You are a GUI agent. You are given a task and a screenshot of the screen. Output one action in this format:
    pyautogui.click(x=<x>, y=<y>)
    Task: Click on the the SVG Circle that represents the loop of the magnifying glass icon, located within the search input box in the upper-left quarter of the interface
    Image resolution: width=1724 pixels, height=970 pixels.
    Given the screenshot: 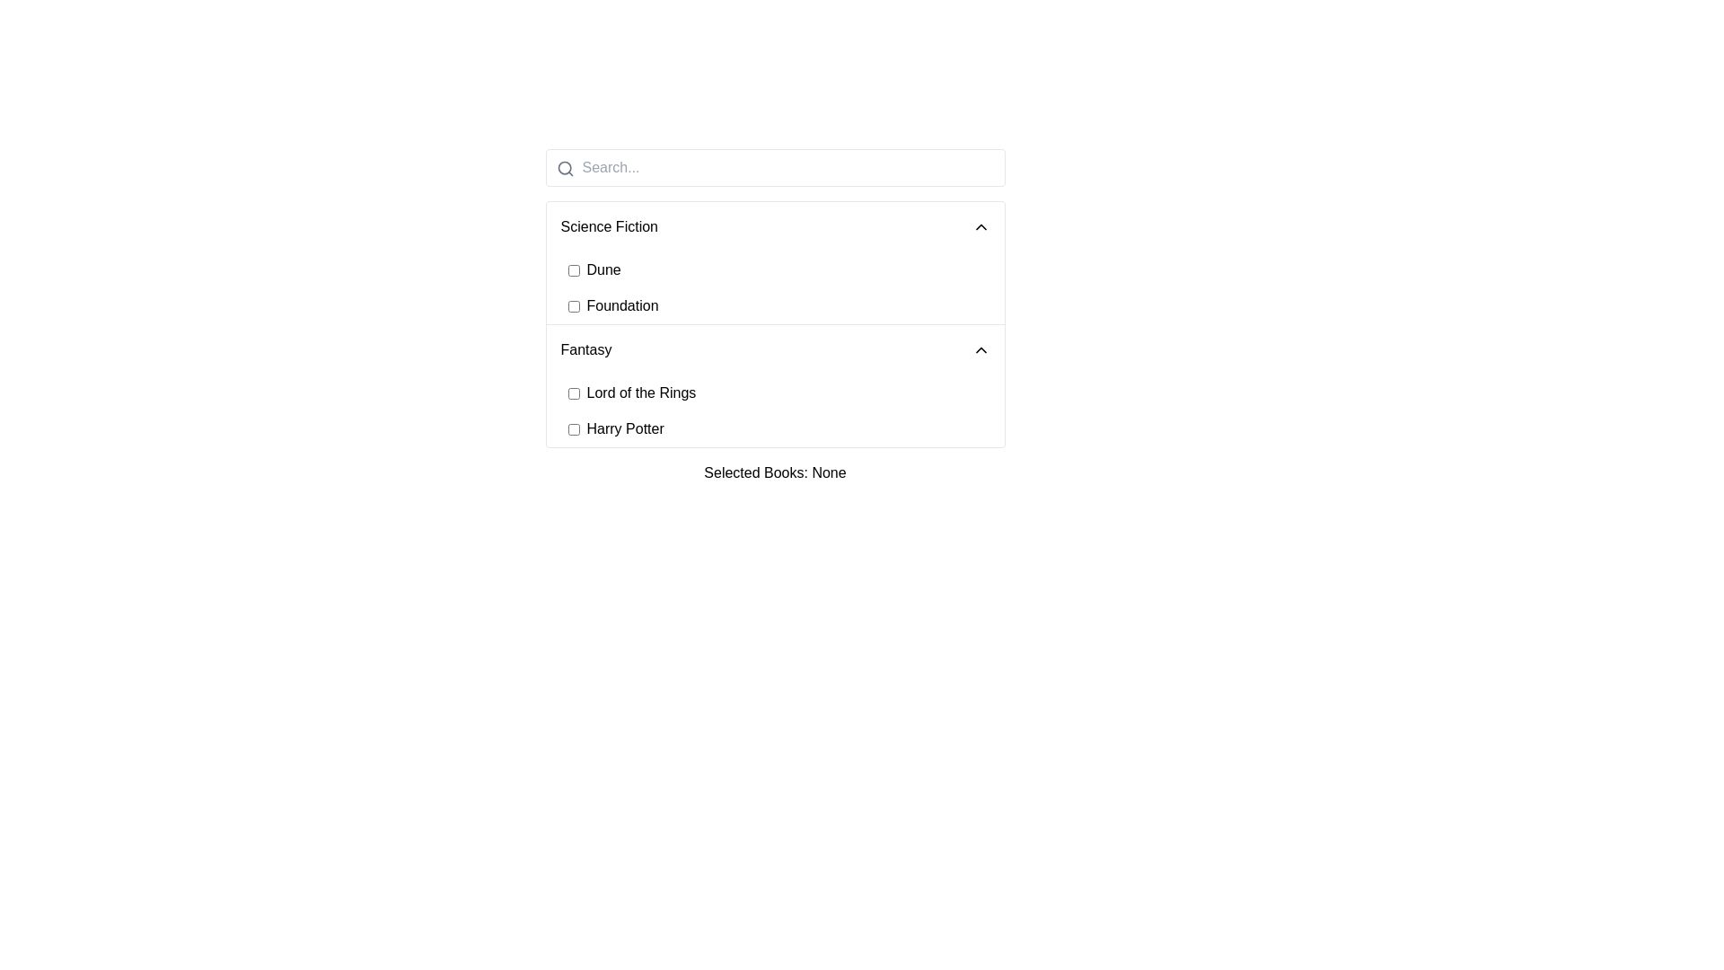 What is the action you would take?
    pyautogui.click(x=563, y=168)
    